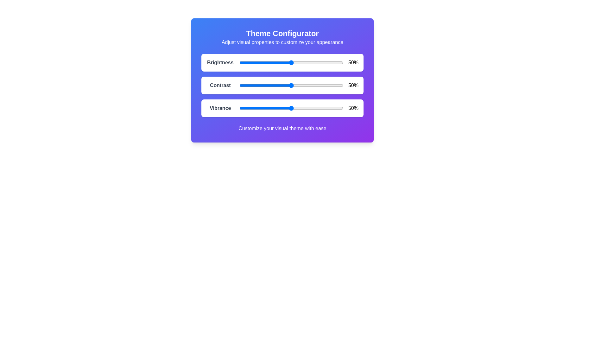 The width and height of the screenshot is (608, 342). I want to click on the brightness slider to 31%, so click(271, 62).